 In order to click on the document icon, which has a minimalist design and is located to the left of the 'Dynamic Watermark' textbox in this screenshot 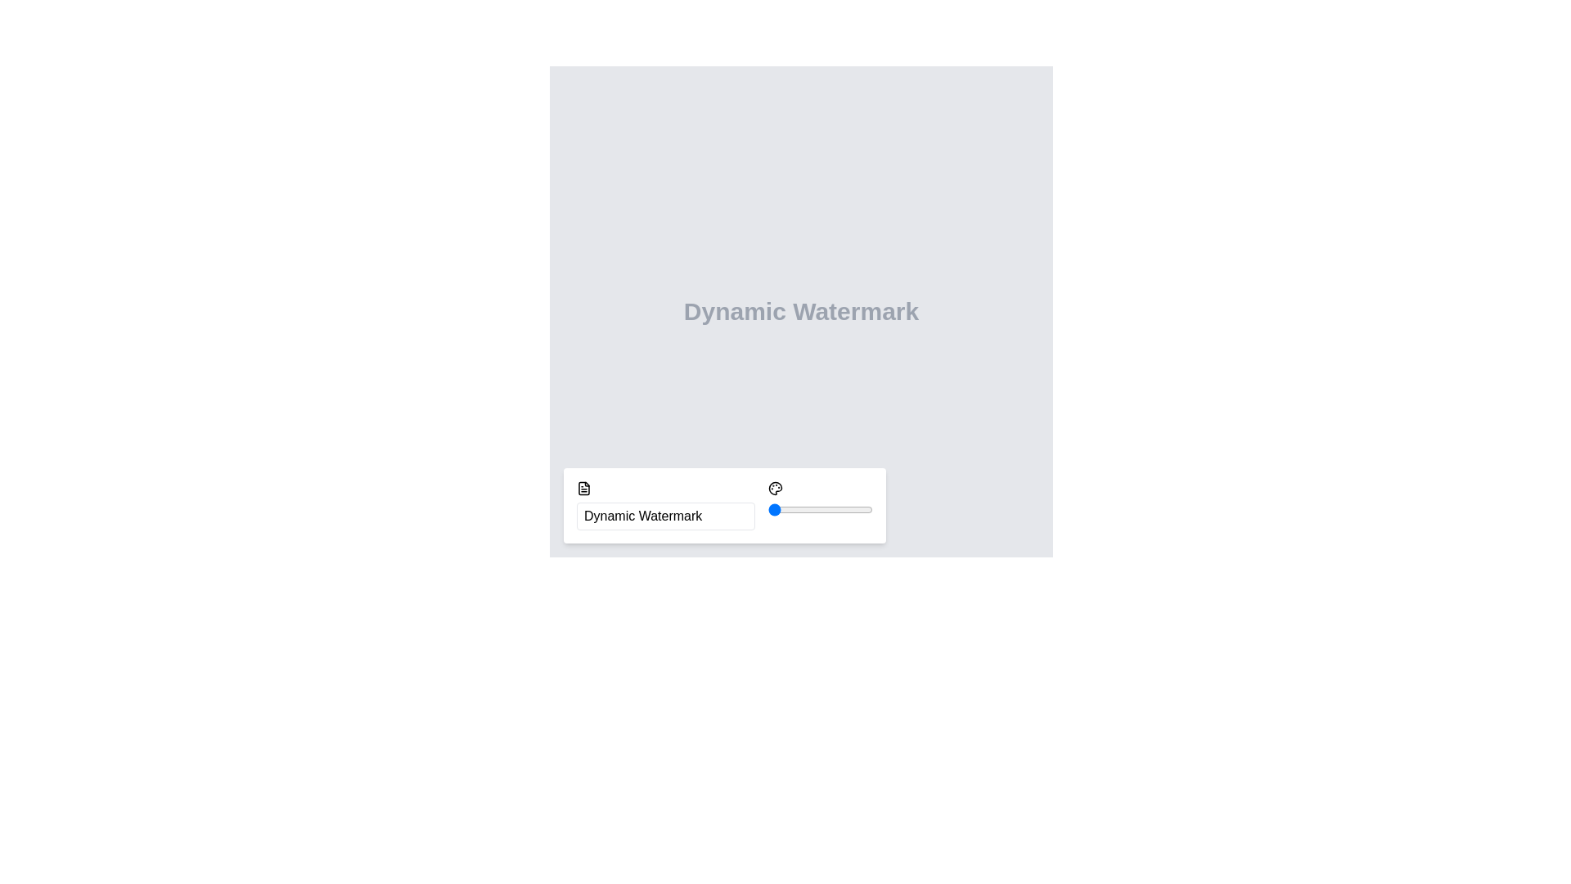, I will do `click(584, 488)`.